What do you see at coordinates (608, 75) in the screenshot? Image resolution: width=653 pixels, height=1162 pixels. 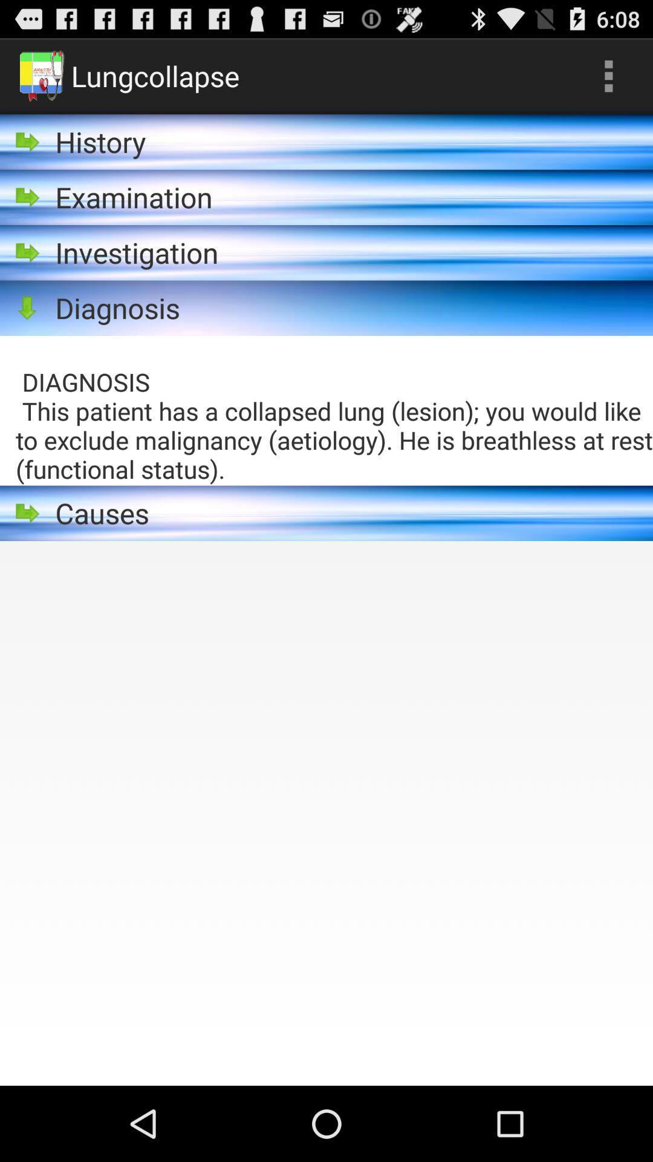 I see `icon to the right of lungcollapse item` at bounding box center [608, 75].